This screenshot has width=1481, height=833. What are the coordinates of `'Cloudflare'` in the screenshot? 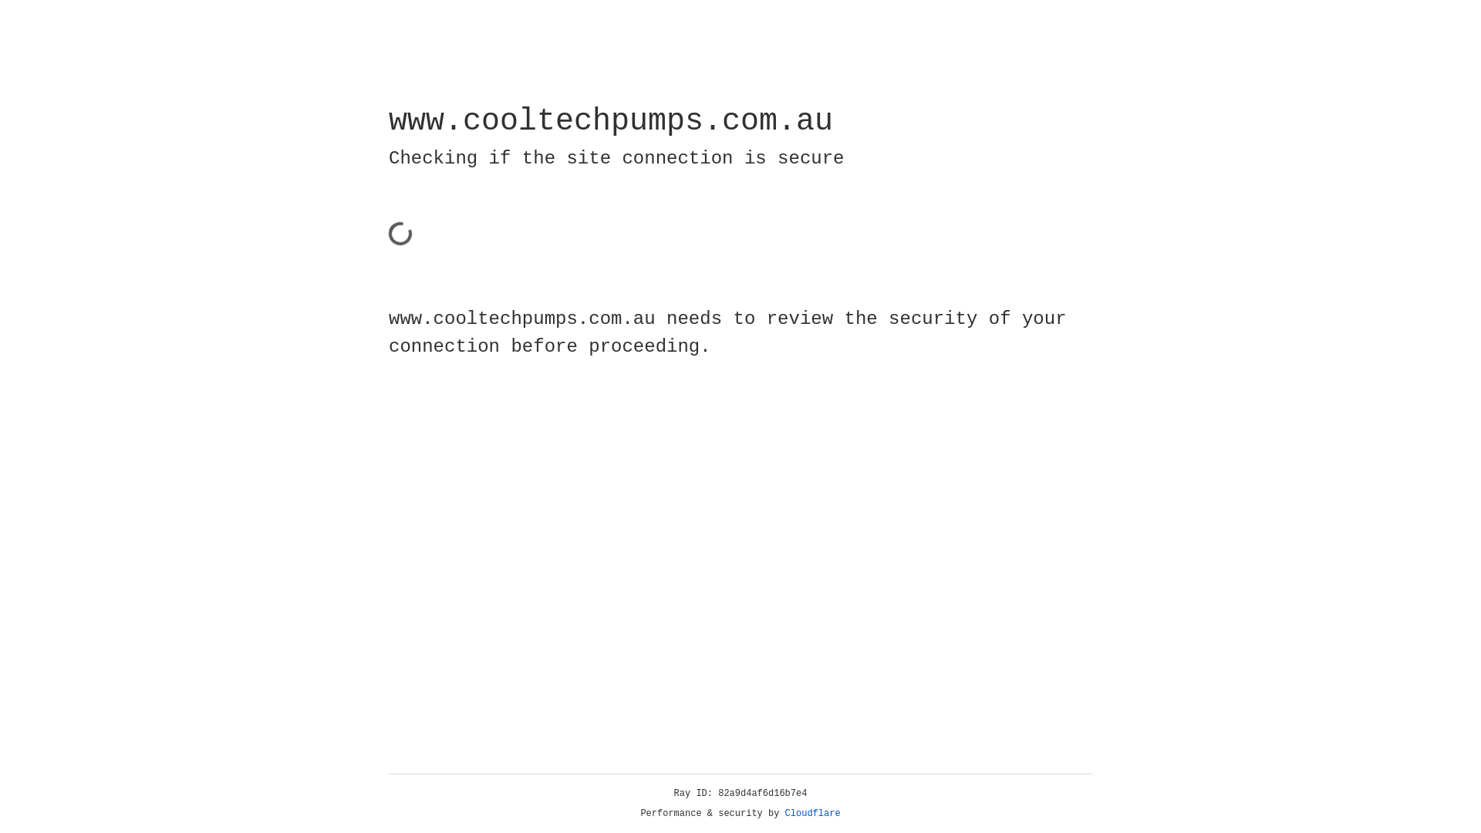 It's located at (812, 813).